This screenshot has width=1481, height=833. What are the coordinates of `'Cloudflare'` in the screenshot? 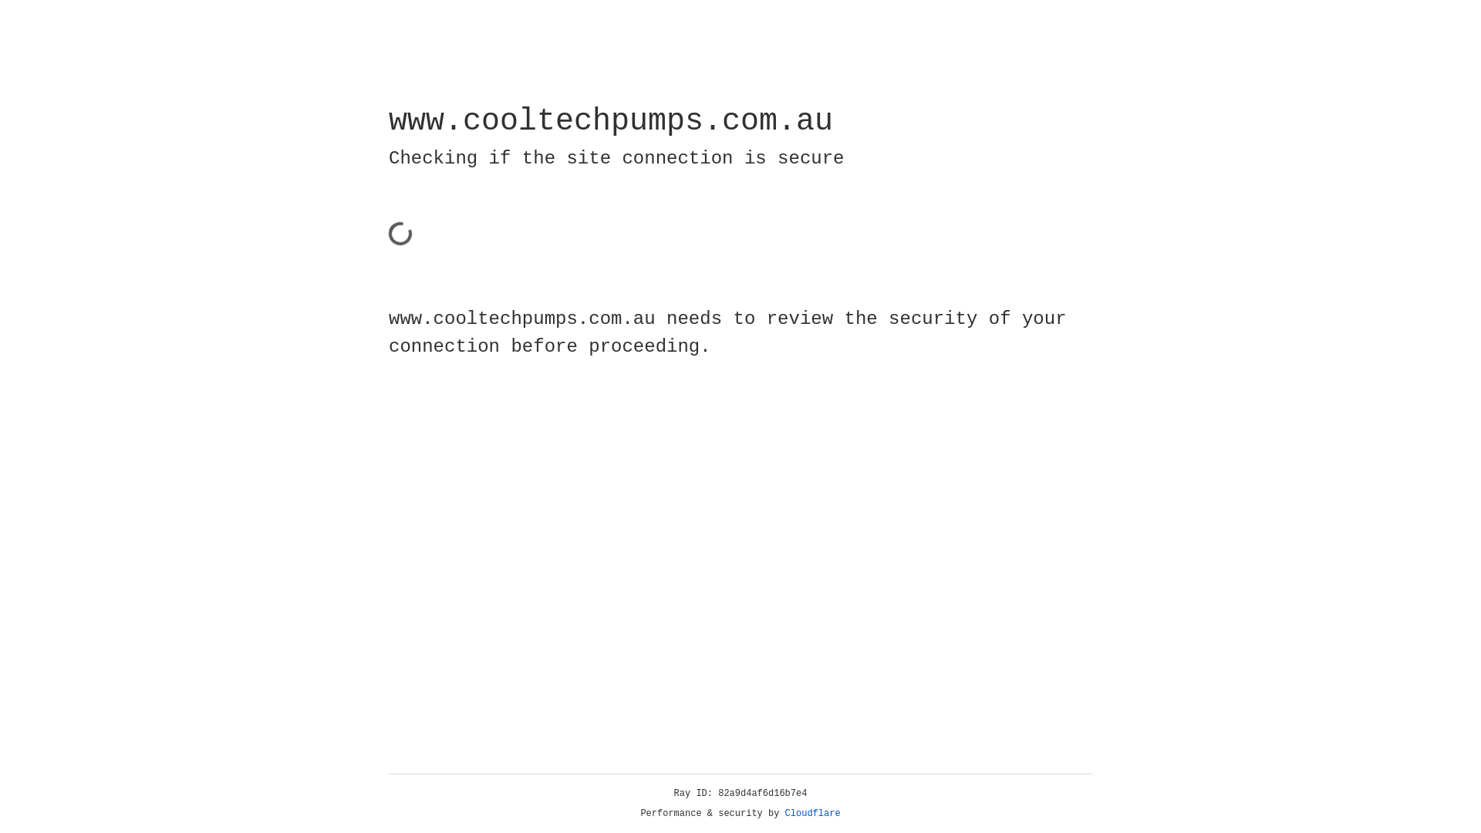 It's located at (812, 813).